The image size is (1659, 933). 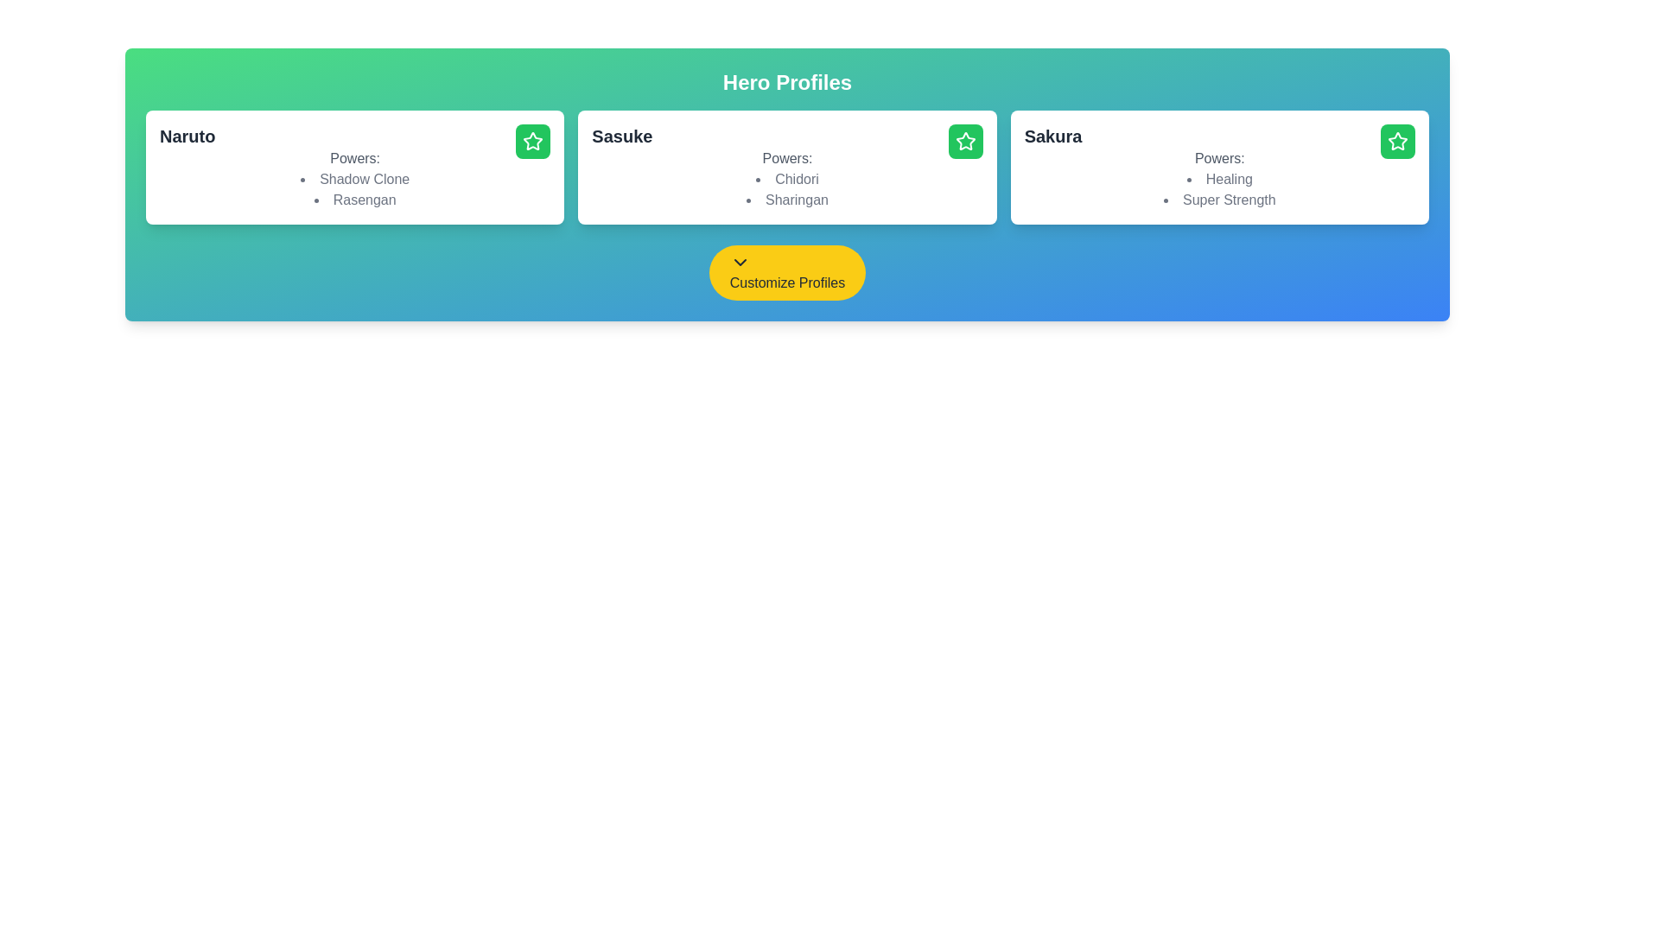 What do you see at coordinates (354, 199) in the screenshot?
I see `the second text item in the bullet-point list under the 'Powers:' section of the 'Naruto' card, as it serves to detail the character's abilities and is interactive` at bounding box center [354, 199].